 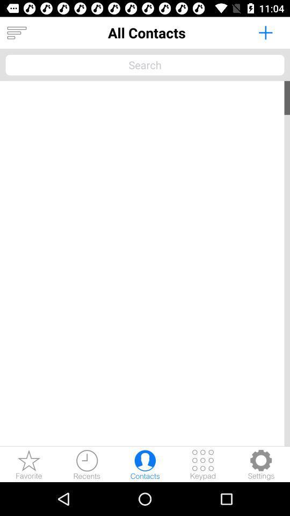 What do you see at coordinates (260, 464) in the screenshot?
I see `settings` at bounding box center [260, 464].